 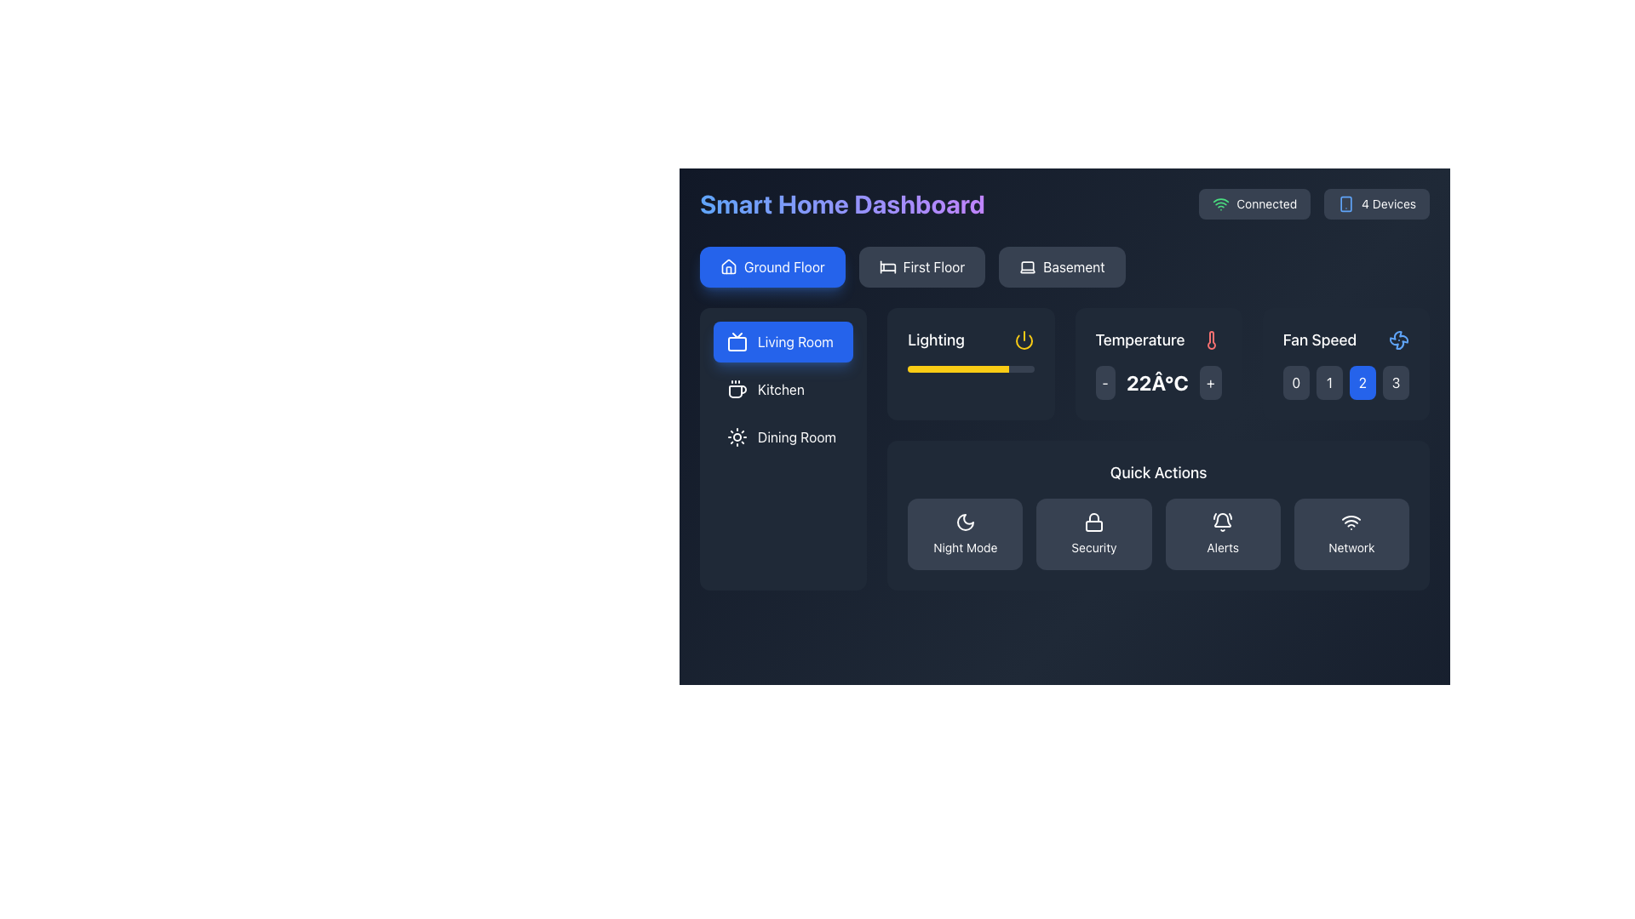 I want to click on the Informational component that displays connection information and the number of devices connected to the system, located in the top-right corner adjacent to the 'Smart Home Dashboard' title, so click(x=1313, y=203).